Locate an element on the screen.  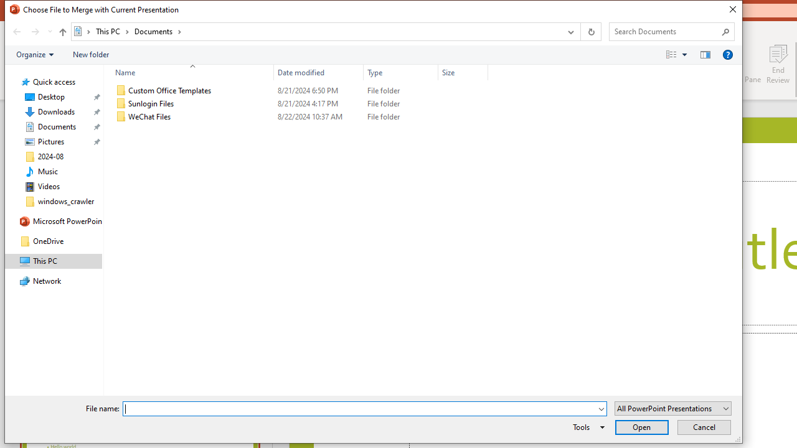
'Back (Alt + Left Arrow)' is located at coordinates (16, 31).